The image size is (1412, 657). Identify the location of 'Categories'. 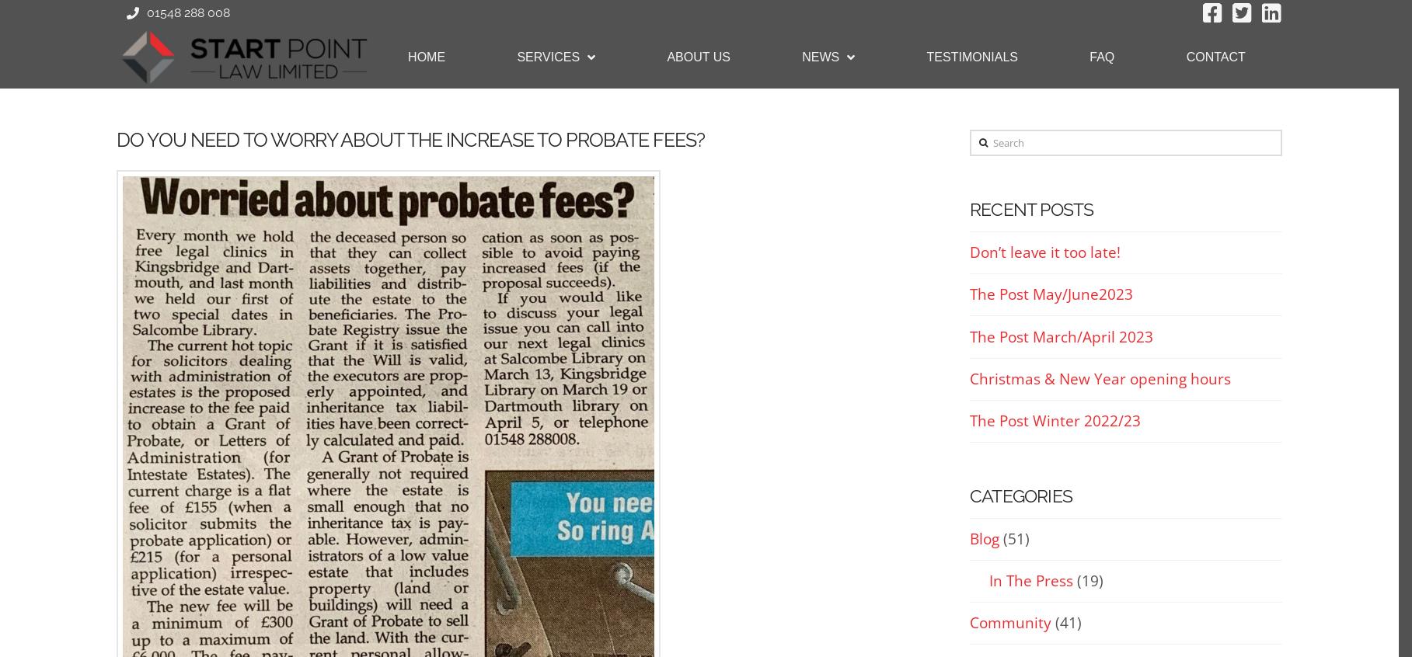
(1021, 495).